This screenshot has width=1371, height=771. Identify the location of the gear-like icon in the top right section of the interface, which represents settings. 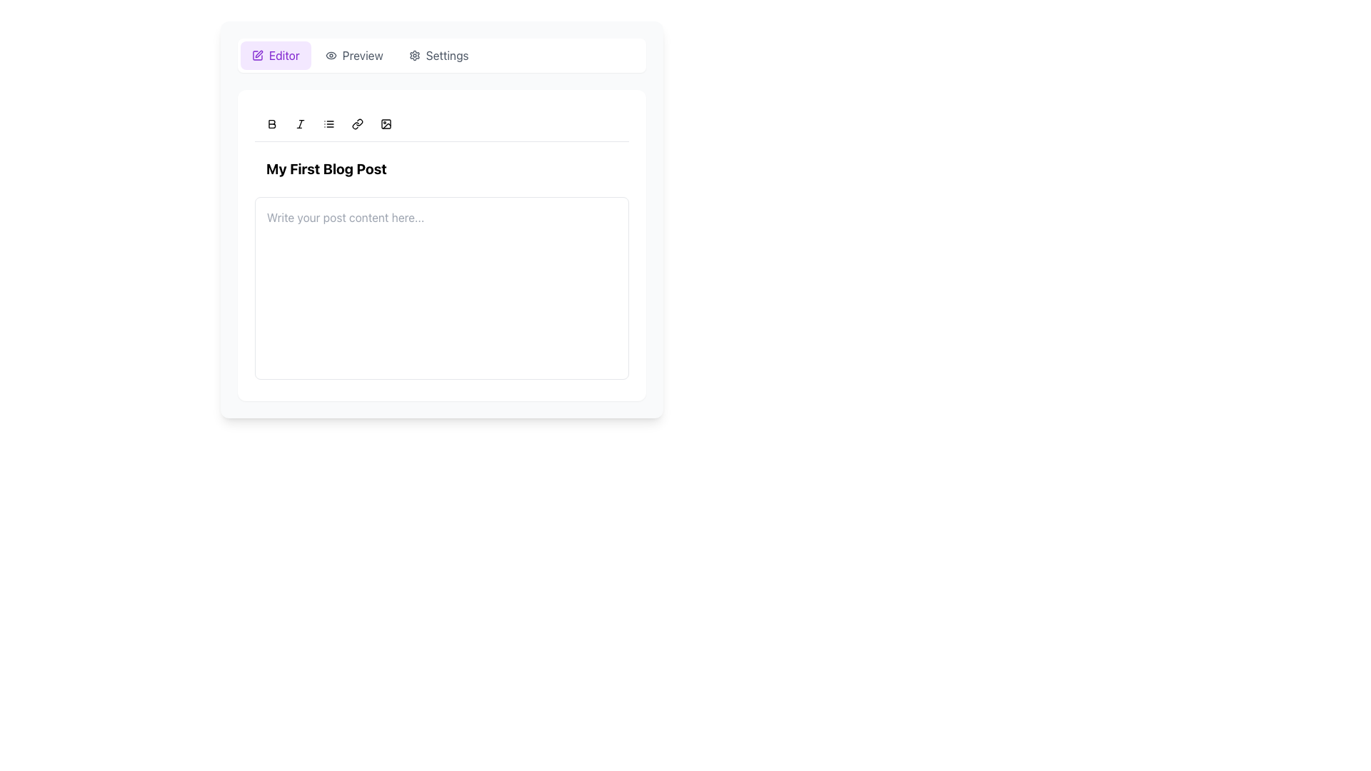
(413, 54).